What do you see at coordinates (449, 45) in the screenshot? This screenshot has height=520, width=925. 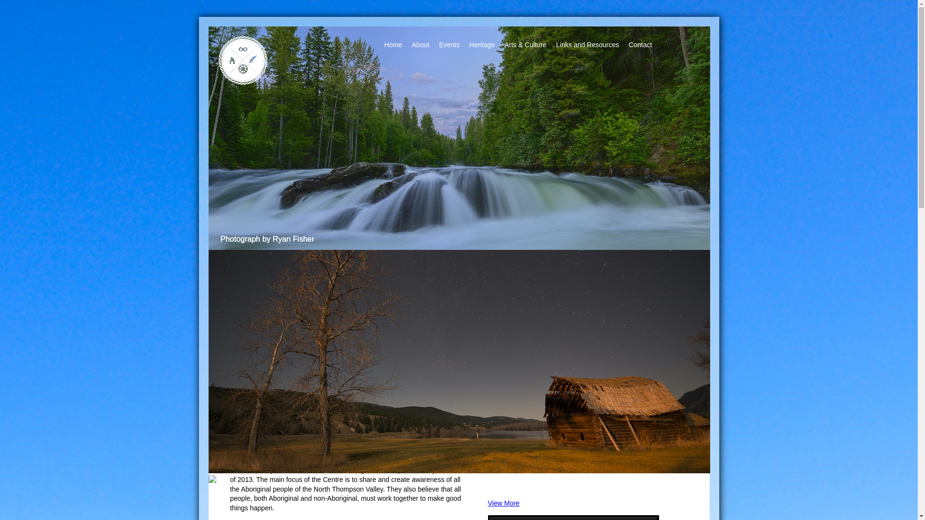 I see `'Events'` at bounding box center [449, 45].